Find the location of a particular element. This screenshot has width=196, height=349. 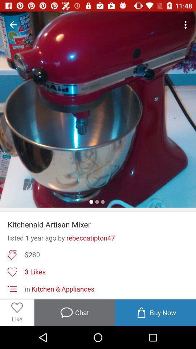

the icon right to like icon is located at coordinates (74, 312).